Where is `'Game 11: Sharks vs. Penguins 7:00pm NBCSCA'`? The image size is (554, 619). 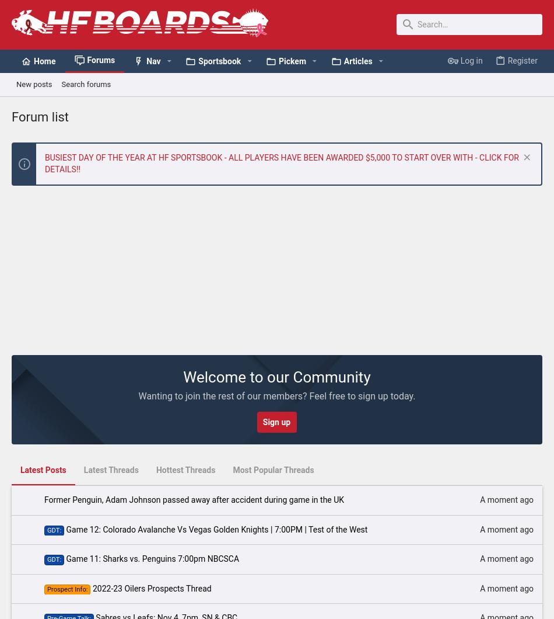 'Game 11: Sharks vs. Penguins 7:00pm NBCSCA' is located at coordinates (152, 558).